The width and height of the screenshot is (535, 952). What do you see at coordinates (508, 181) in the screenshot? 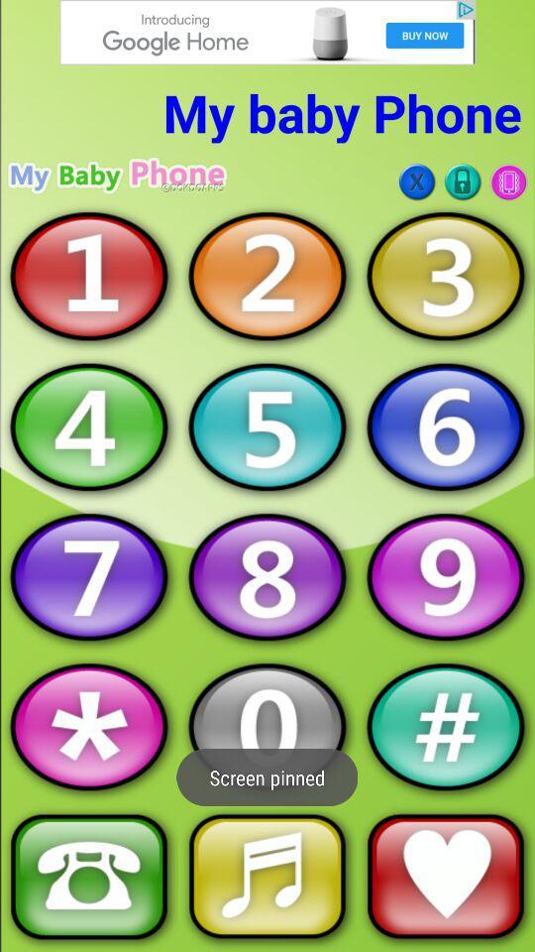
I see `vibration` at bounding box center [508, 181].